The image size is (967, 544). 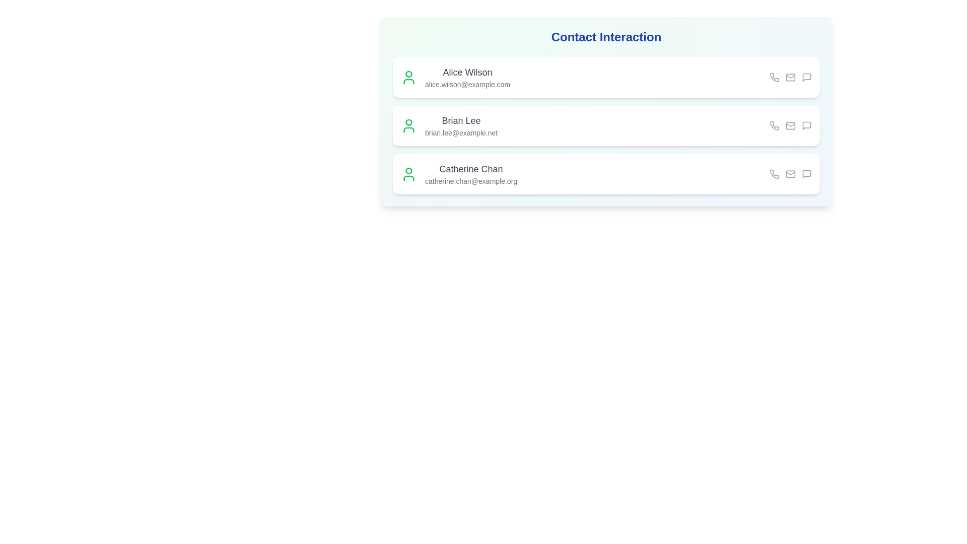 I want to click on the contact Alice Wilson by clicking on their list item, so click(x=606, y=77).